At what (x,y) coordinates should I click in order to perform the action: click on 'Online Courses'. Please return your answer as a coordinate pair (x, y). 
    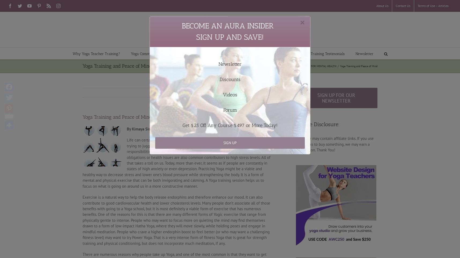
    Looking at the image, I should click on (185, 64).